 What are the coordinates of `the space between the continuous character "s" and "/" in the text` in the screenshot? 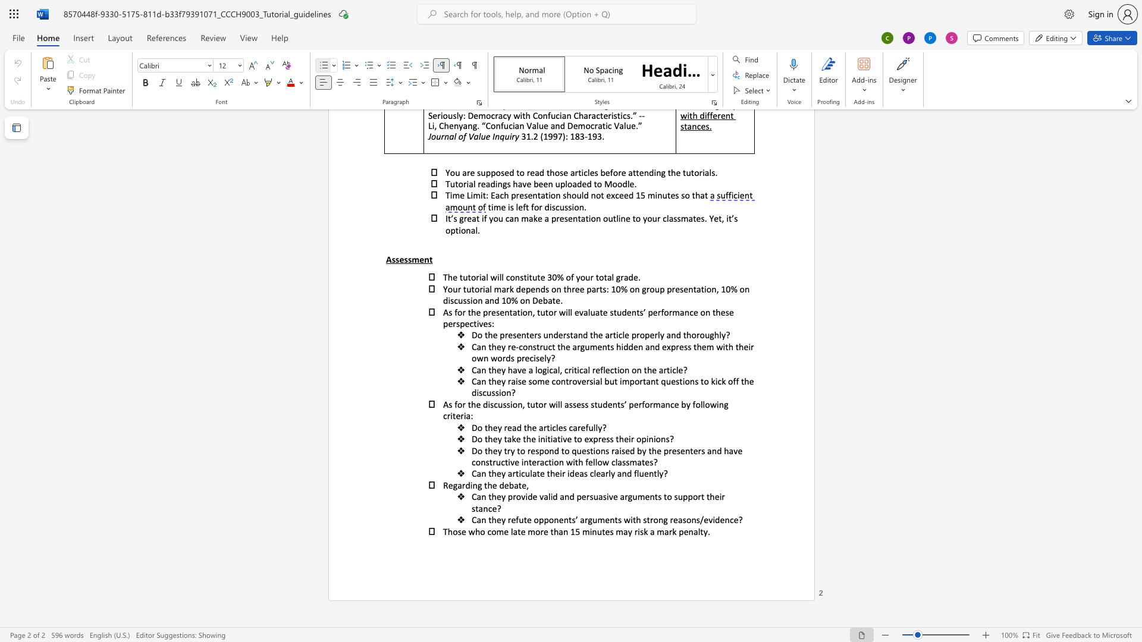 It's located at (699, 519).